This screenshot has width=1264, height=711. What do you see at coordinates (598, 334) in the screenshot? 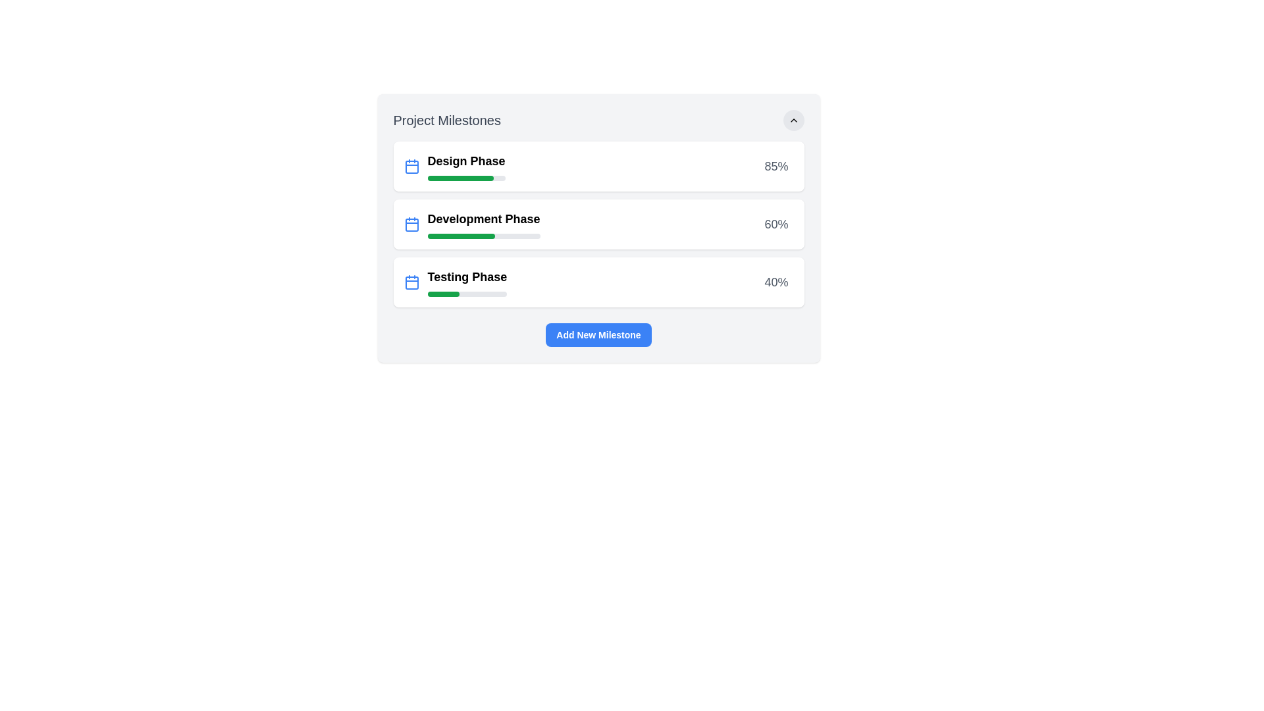
I see `the 'Add New Milestone' button, which is a rectangular button with a blue background and bold white text, located below the list of milestones` at bounding box center [598, 334].